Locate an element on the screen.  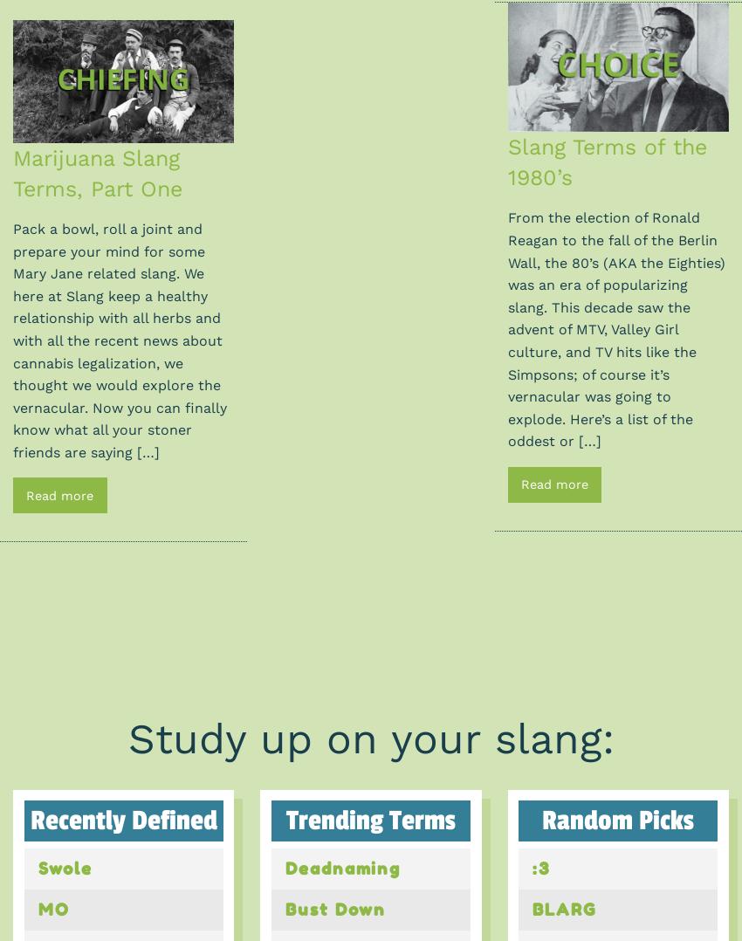
'Random Picks' is located at coordinates (616, 820).